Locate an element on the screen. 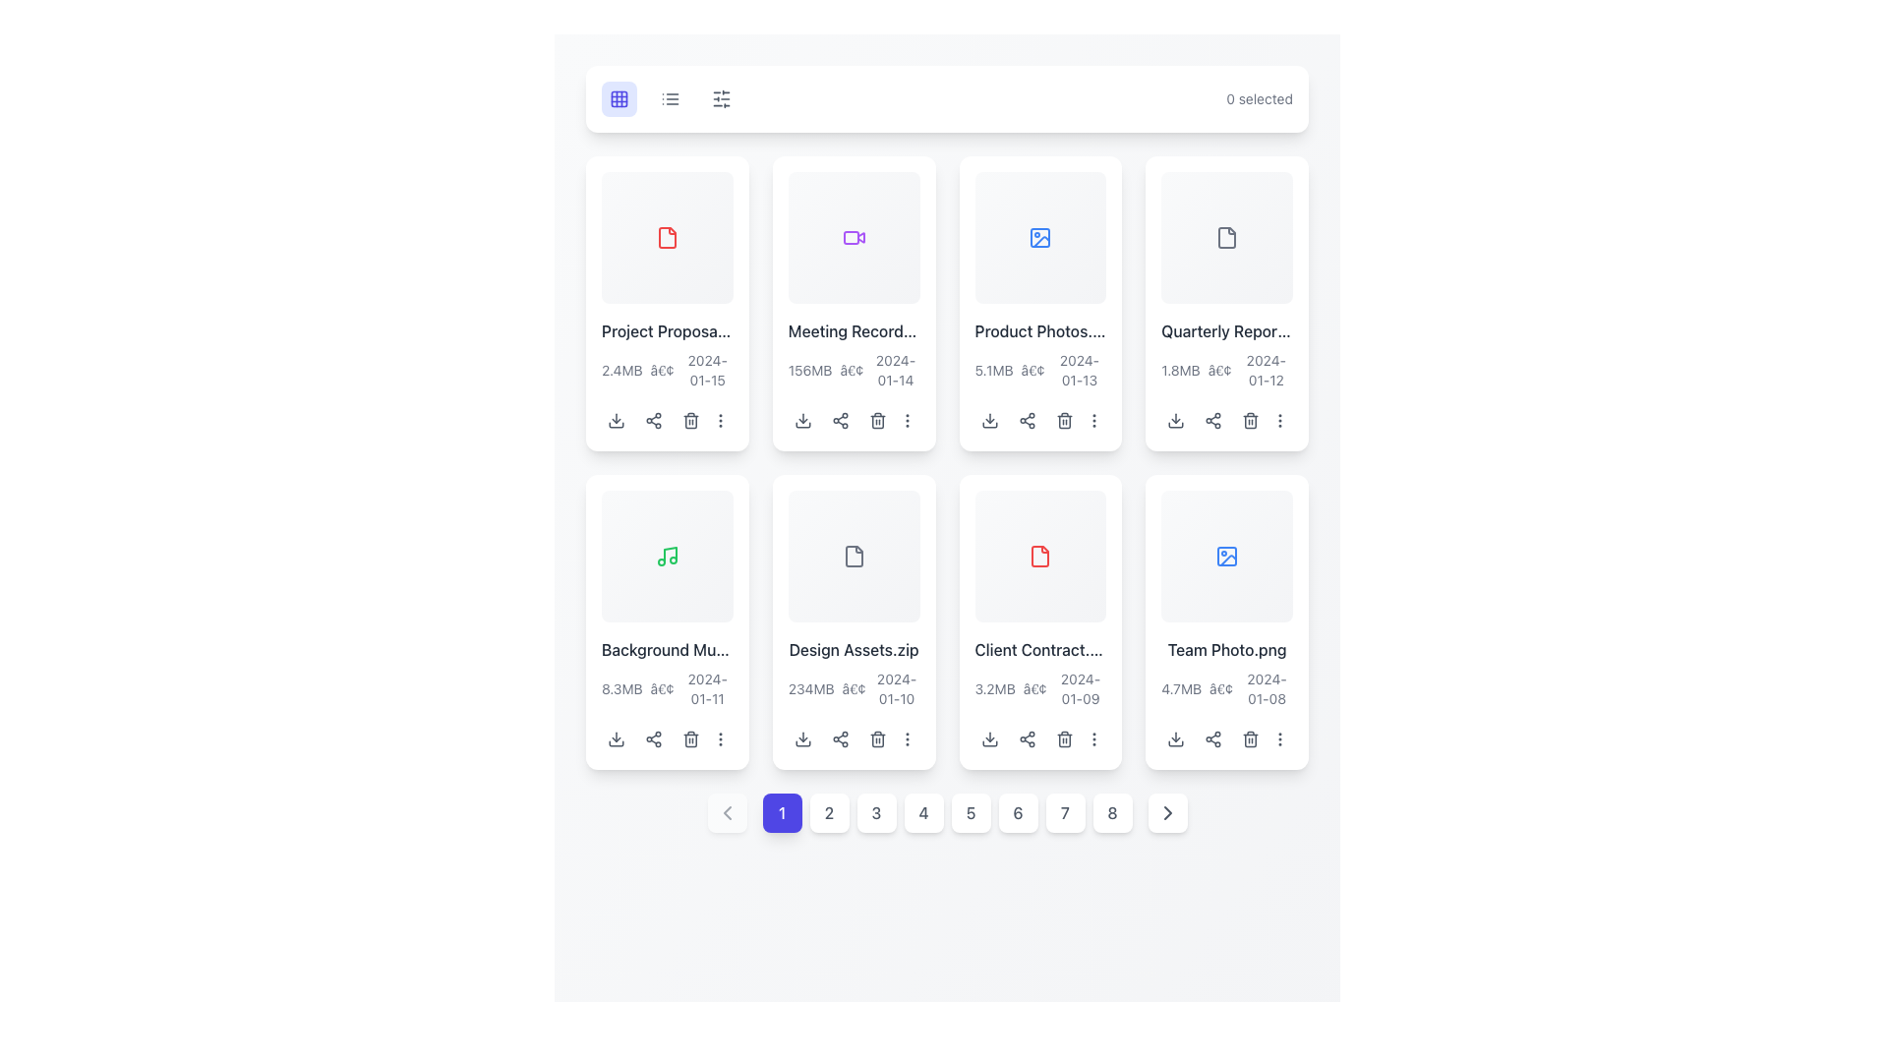  the informational text label displaying the file size and date, which is styled in a smaller gray font and located below the main title of the 'Project Proposal.pdf' card is located at coordinates (667, 370).